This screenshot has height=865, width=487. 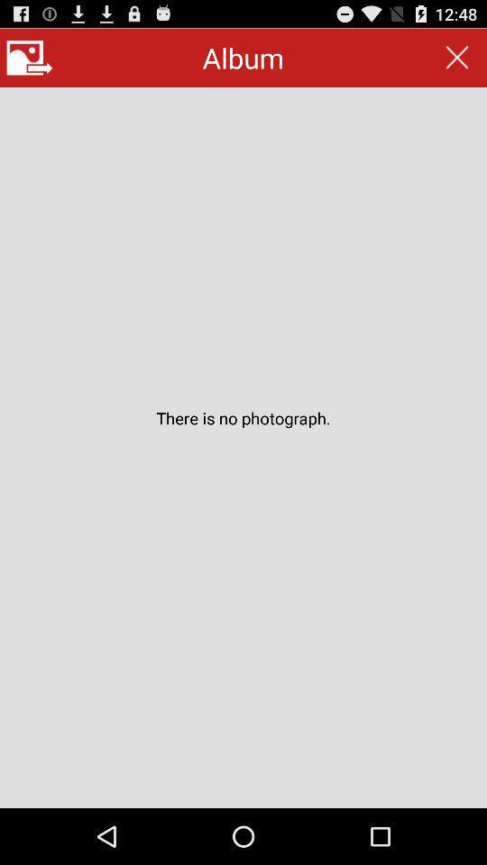 I want to click on item next to album app, so click(x=28, y=58).